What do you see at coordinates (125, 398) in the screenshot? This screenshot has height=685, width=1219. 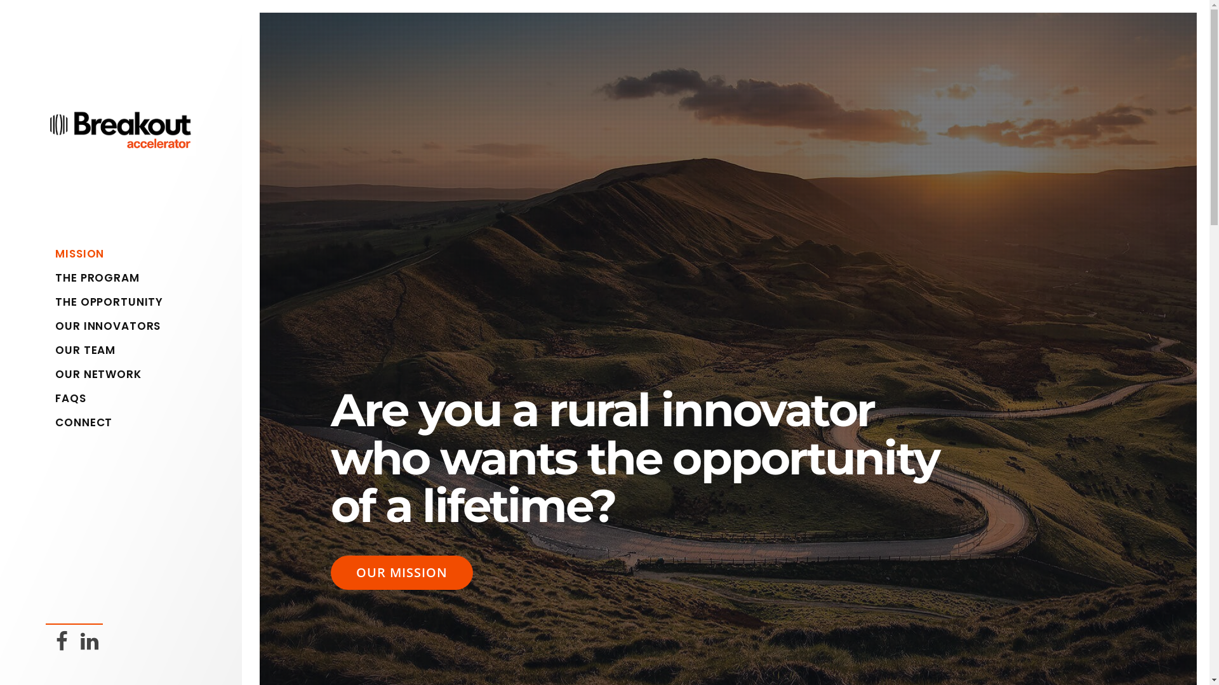 I see `'FAQS'` at bounding box center [125, 398].